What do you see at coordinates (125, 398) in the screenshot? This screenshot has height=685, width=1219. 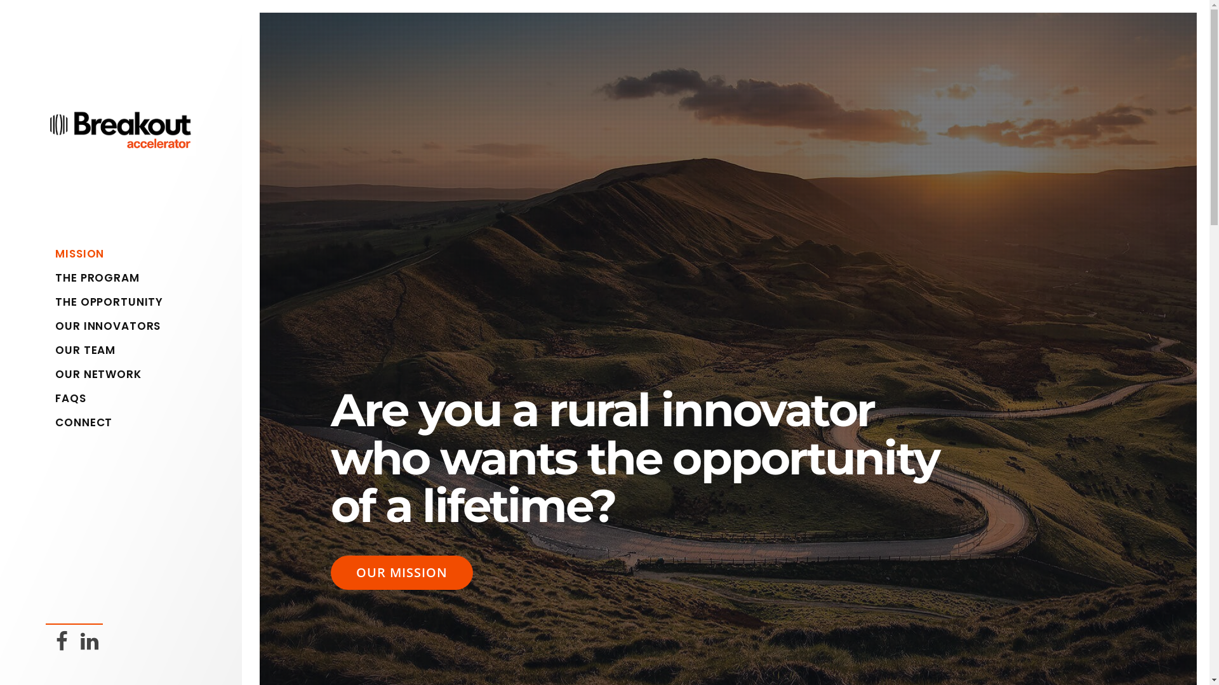 I see `'FAQS'` at bounding box center [125, 398].